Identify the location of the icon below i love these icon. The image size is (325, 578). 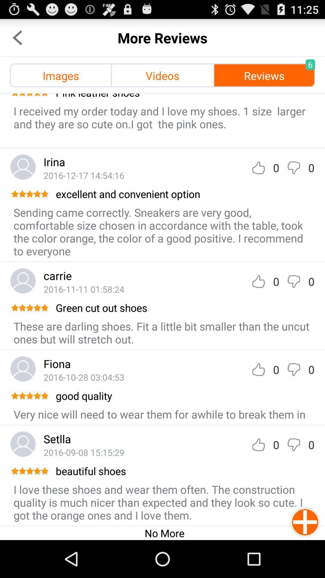
(164, 533).